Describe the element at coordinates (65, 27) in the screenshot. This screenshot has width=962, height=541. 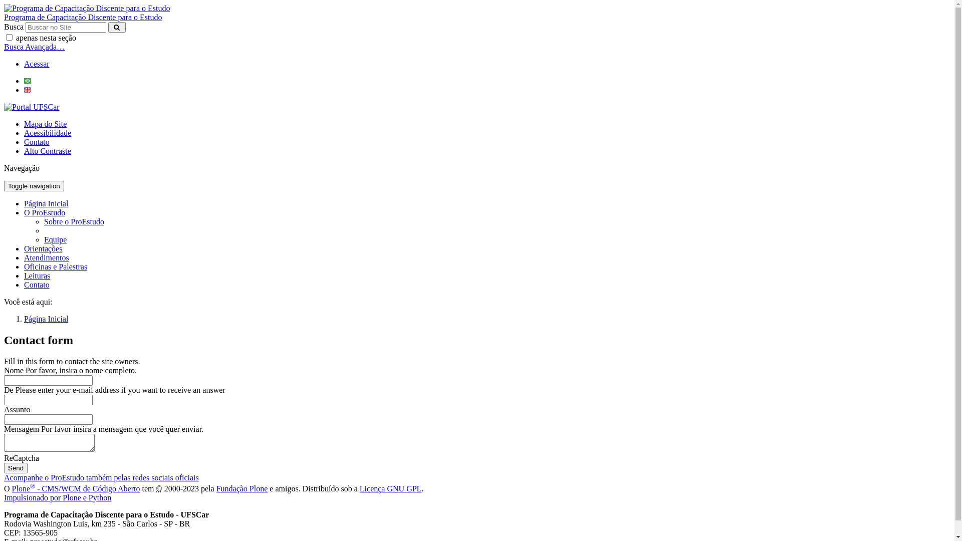
I see `'Buscar no Site'` at that location.